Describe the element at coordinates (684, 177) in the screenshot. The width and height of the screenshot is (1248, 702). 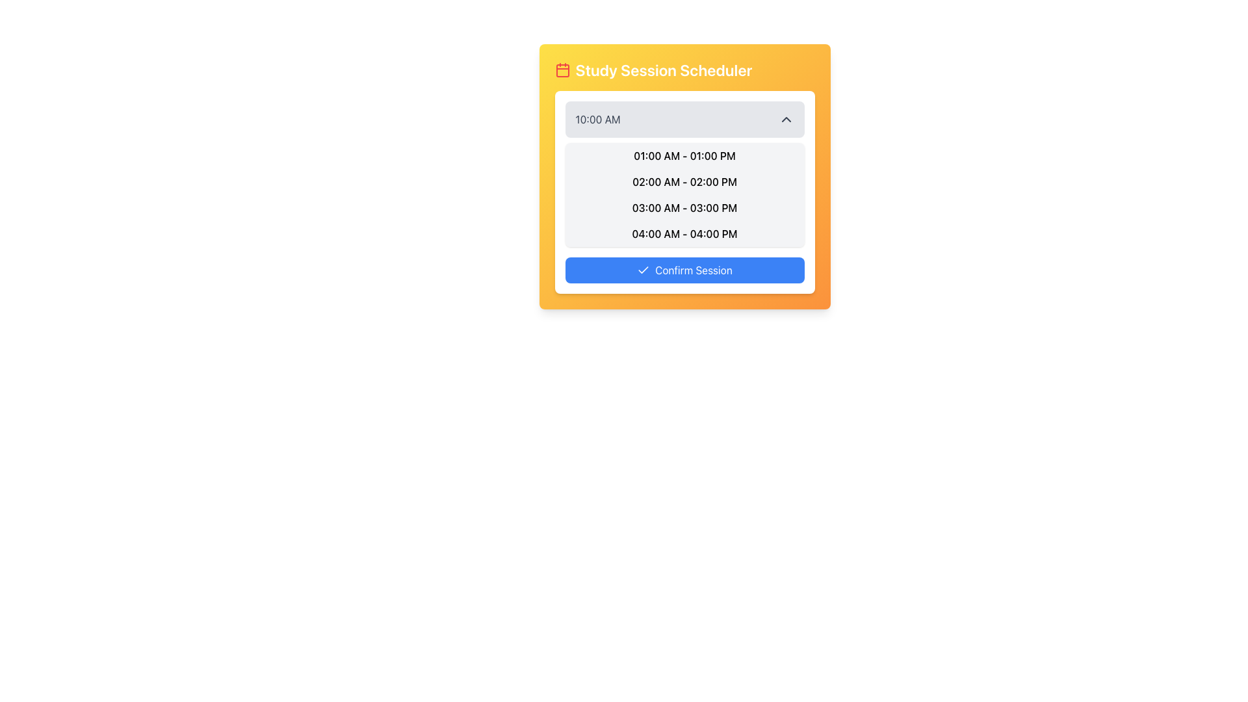
I see `the dropdown menu in the 'Study Session Scheduler' interactive module` at that location.